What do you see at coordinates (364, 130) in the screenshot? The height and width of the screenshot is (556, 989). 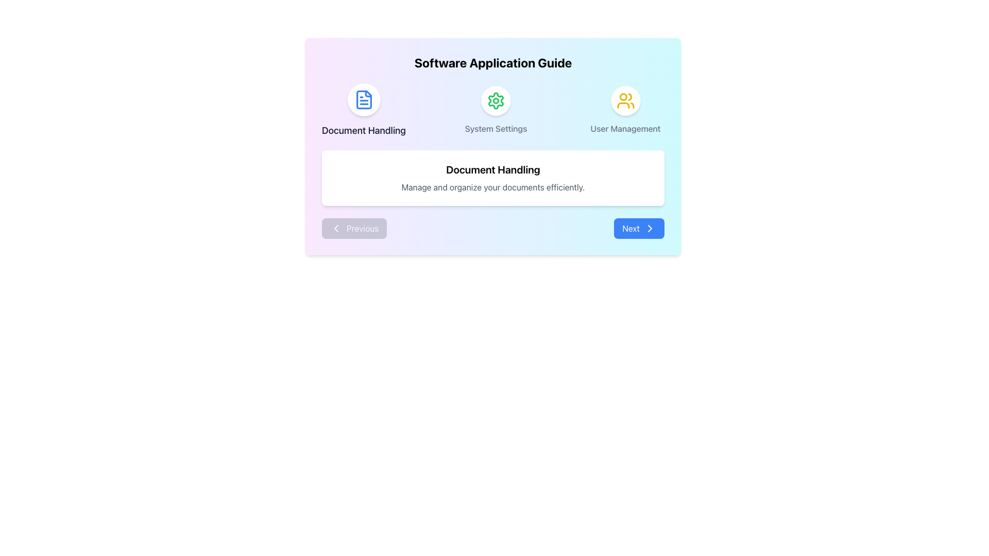 I see `the text label that reads 'Document Handling', which is styled in a large bold font and positioned below an icon in the top-left section of the interface` at bounding box center [364, 130].